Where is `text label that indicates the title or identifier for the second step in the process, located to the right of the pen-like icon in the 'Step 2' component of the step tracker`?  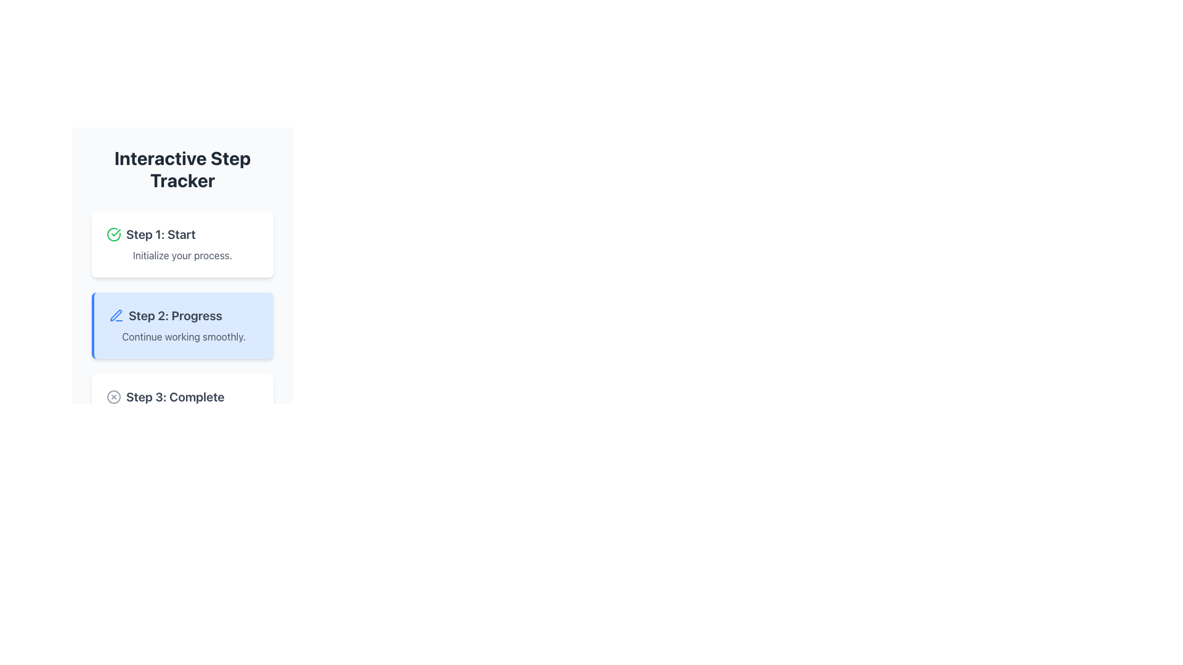
text label that indicates the title or identifier for the second step in the process, located to the right of the pen-like icon in the 'Step 2' component of the step tracker is located at coordinates (174, 315).